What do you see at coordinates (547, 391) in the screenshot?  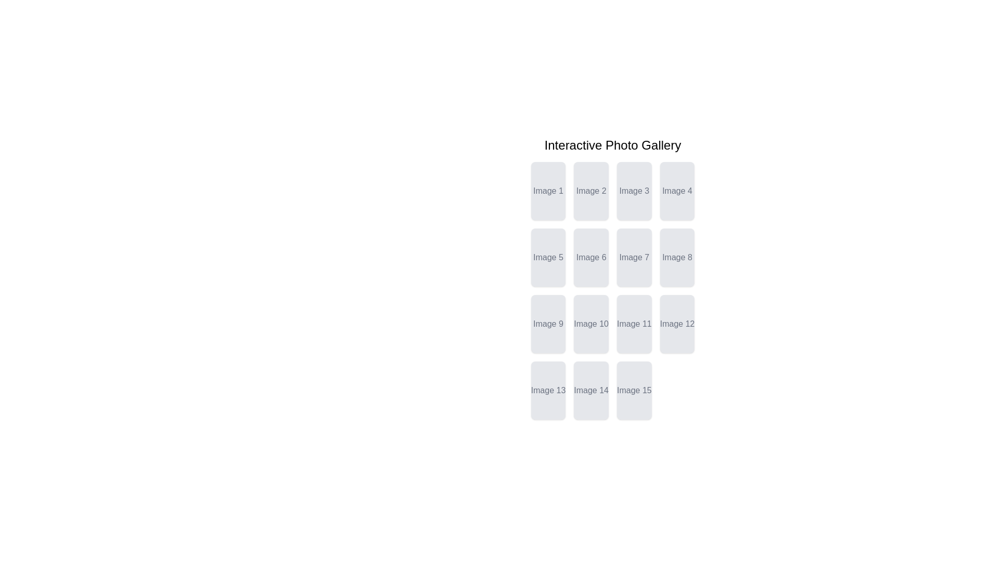 I see `the interactive grid item labeled 'Image 13' located in the last row of the grid layout on the far left` at bounding box center [547, 391].